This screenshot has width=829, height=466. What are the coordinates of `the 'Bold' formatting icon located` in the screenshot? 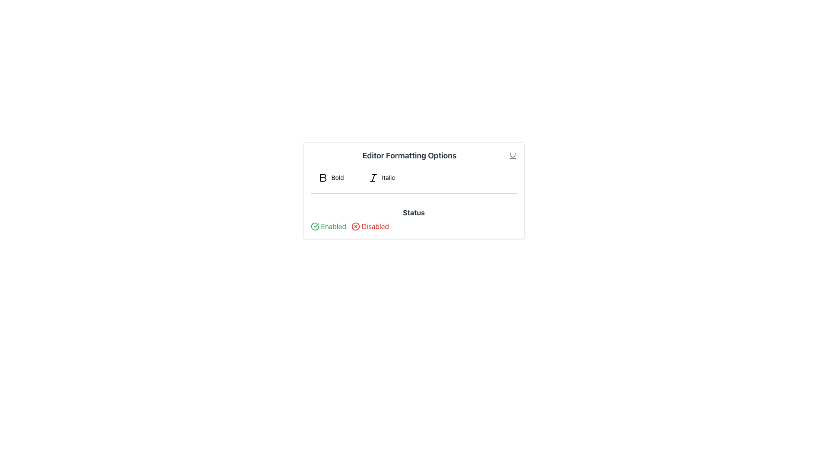 It's located at (323, 177).